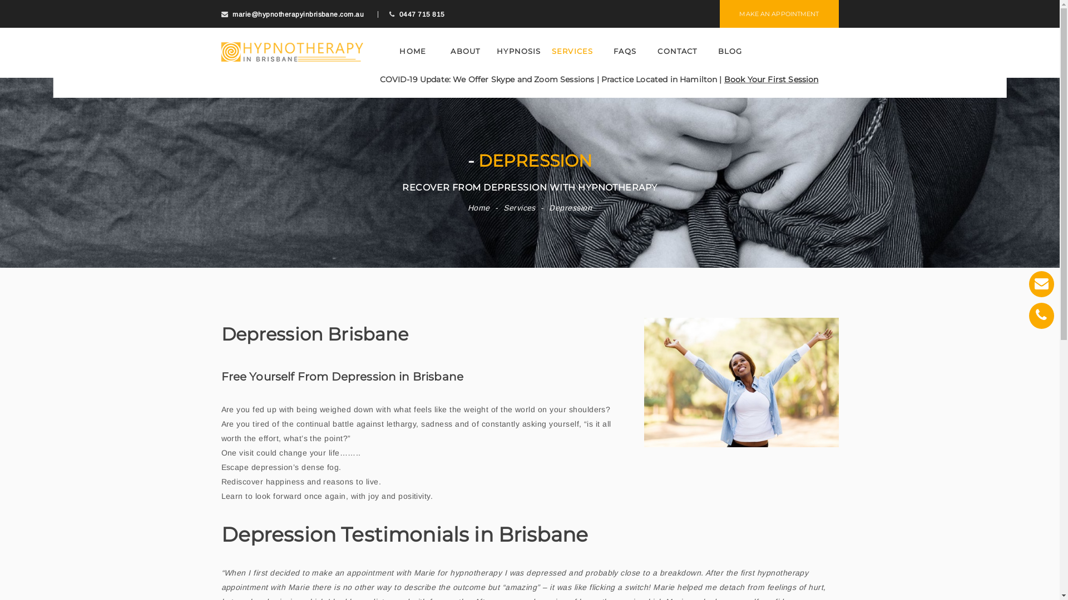  I want to click on 'Call Us', so click(1041, 316).